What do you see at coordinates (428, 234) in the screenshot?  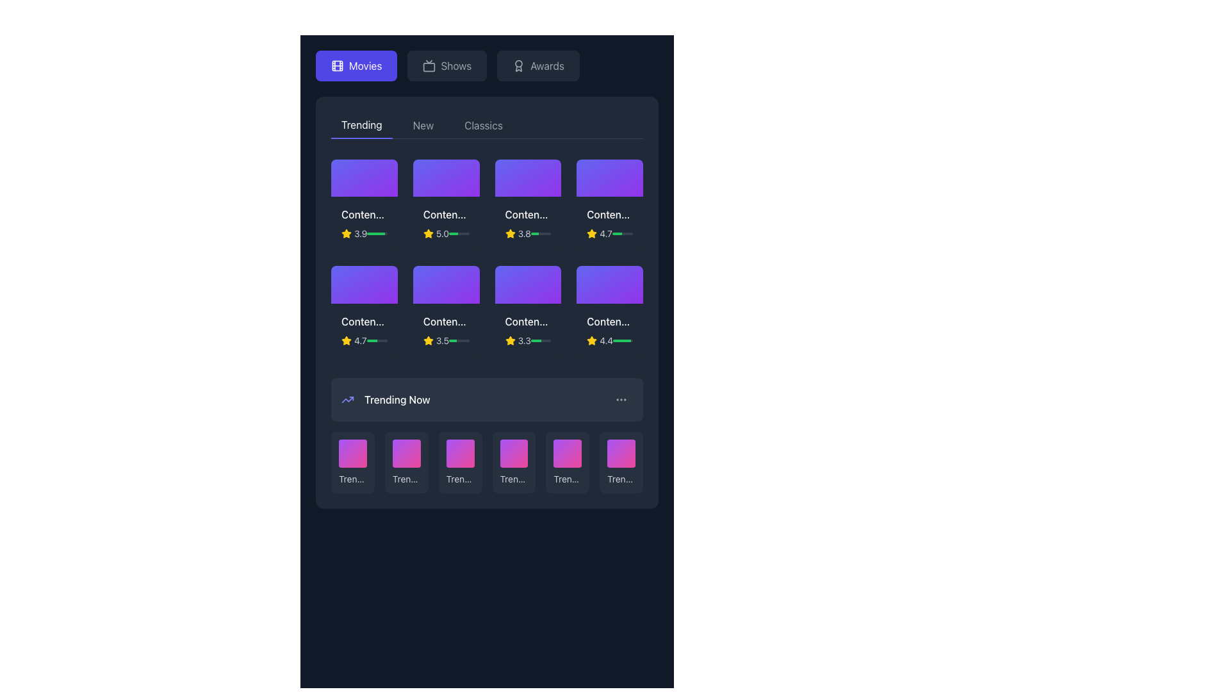 I see `the third star icon in the 'Trending' section, which indicates the rating for the associated content item` at bounding box center [428, 234].